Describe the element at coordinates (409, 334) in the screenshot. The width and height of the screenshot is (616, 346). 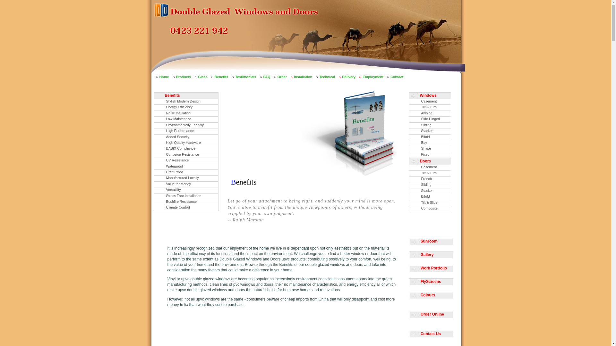
I see `'Contact Us'` at that location.